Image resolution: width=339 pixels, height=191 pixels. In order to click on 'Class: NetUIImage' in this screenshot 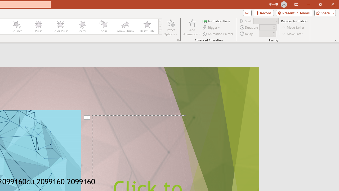, I will do `click(160, 32)`.